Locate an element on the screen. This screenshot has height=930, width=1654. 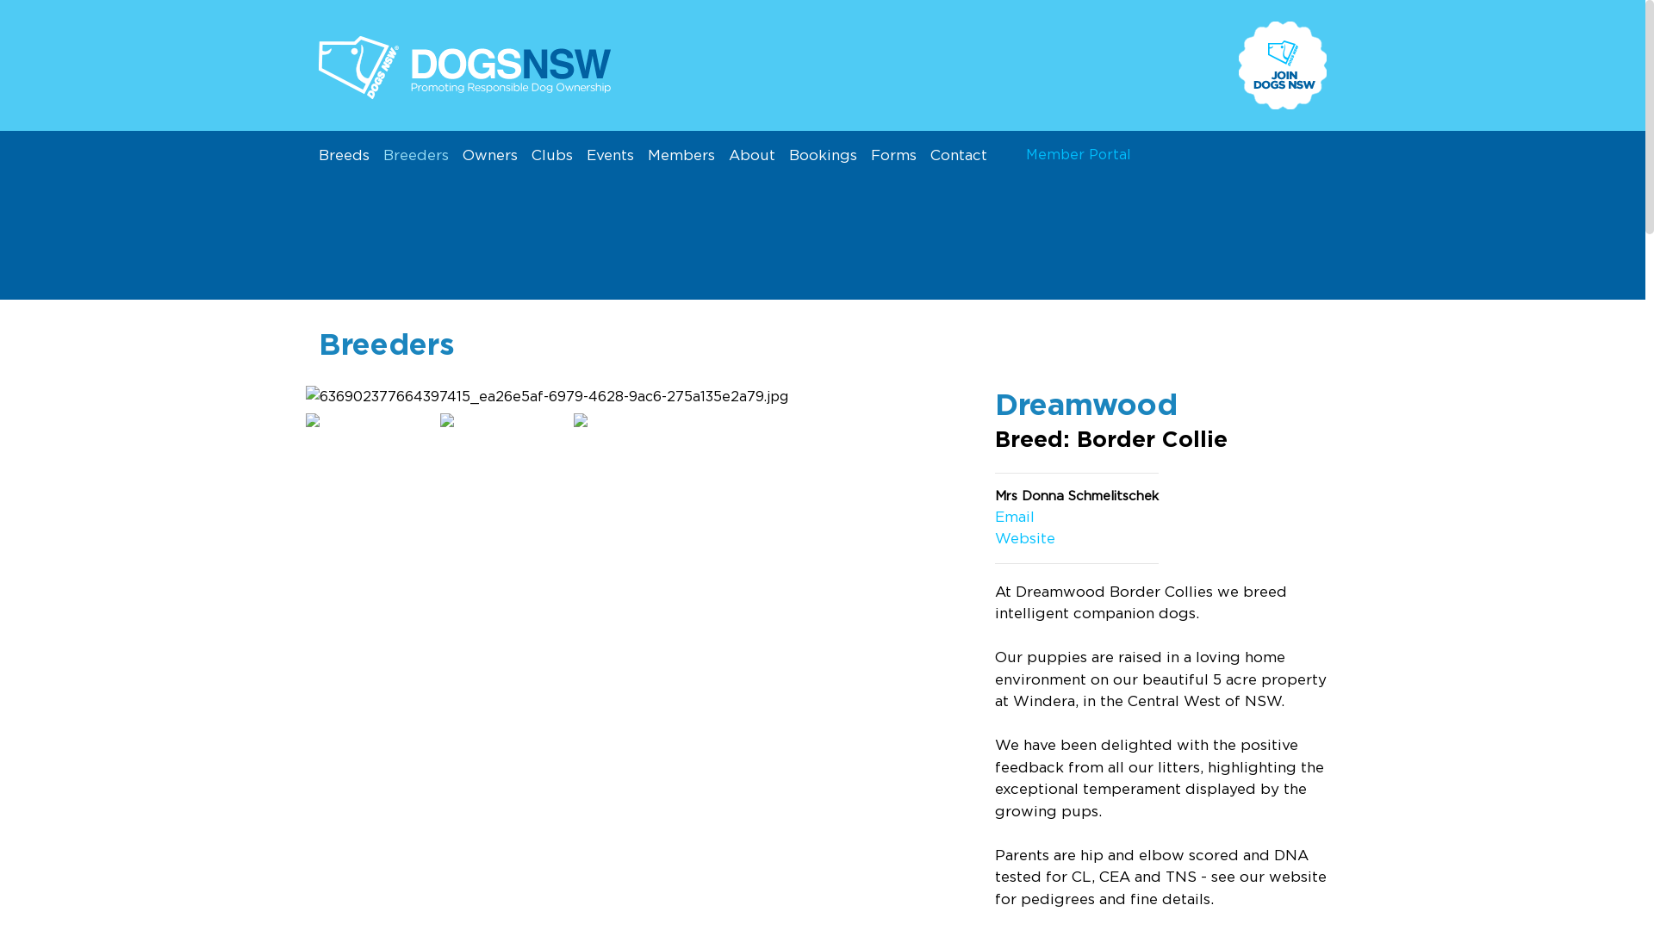
'Member Portal' is located at coordinates (1078, 152).